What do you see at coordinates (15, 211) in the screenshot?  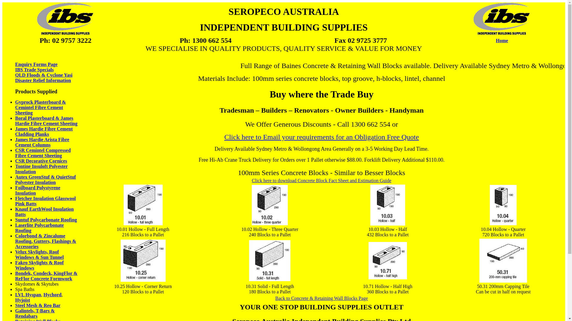 I see `'Knauf EarthWool Insulation Batts'` at bounding box center [15, 211].